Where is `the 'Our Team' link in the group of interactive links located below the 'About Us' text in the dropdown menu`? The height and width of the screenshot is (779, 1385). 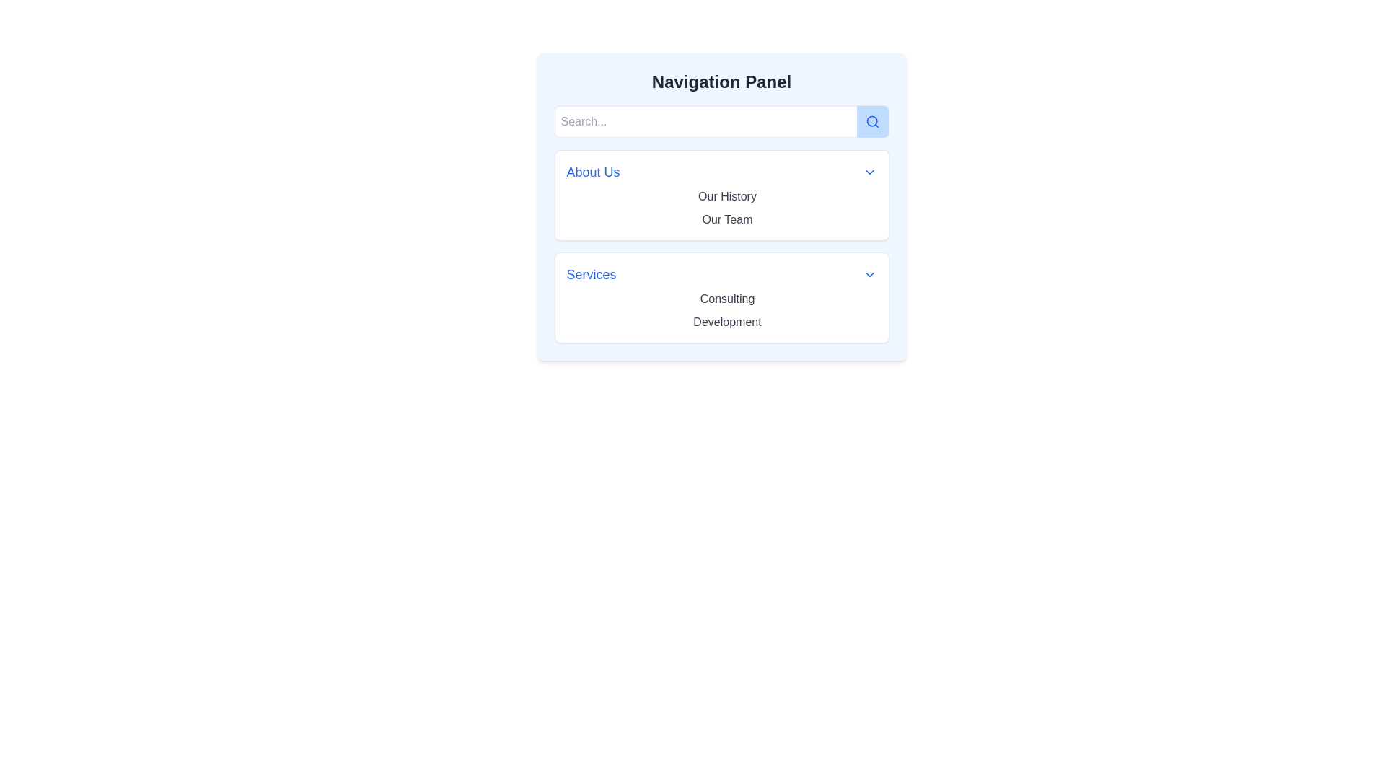 the 'Our Team' link in the group of interactive links located below the 'About Us' text in the dropdown menu is located at coordinates (721, 208).